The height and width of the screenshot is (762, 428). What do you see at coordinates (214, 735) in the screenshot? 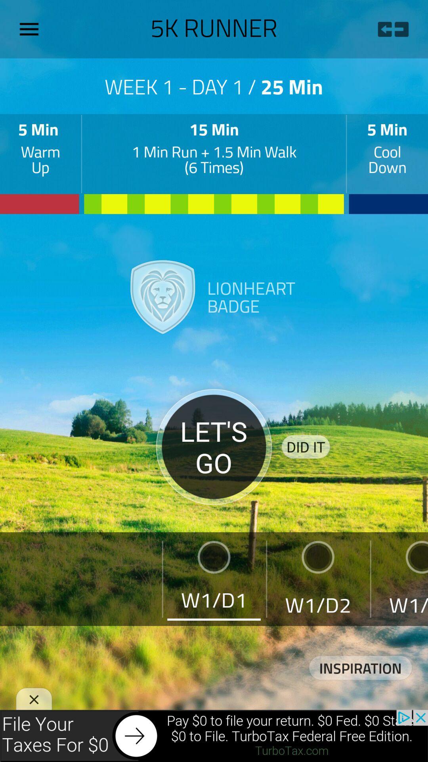
I see `advertisement area` at bounding box center [214, 735].